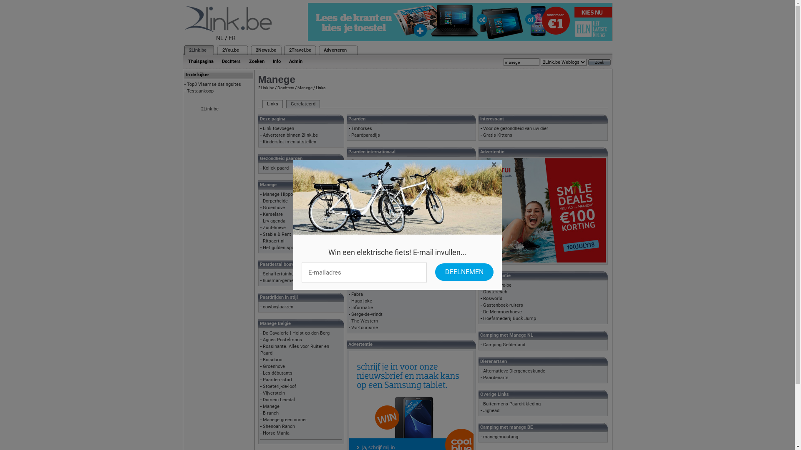  What do you see at coordinates (274, 227) in the screenshot?
I see `'Zuut-hoeve'` at bounding box center [274, 227].